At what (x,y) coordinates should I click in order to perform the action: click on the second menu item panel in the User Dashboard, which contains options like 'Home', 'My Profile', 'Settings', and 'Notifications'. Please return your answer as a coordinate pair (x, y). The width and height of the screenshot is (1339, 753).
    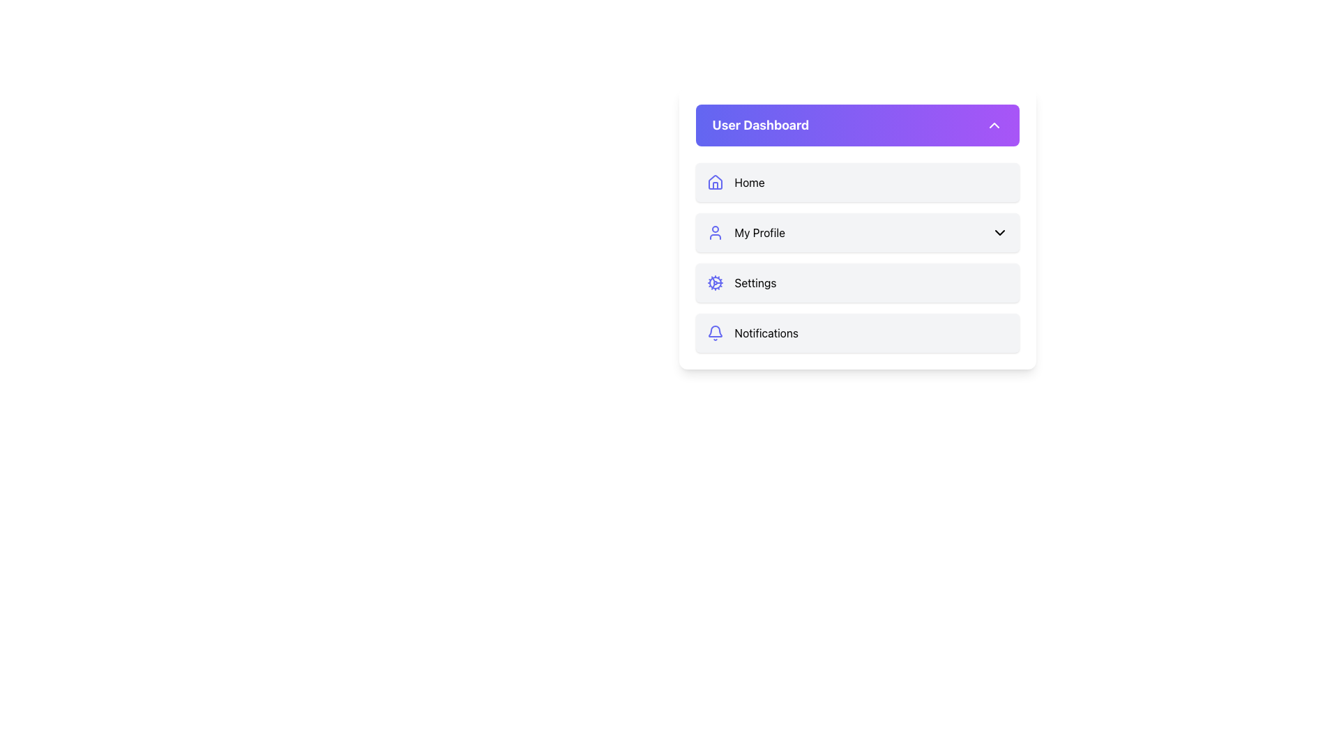
    Looking at the image, I should click on (856, 227).